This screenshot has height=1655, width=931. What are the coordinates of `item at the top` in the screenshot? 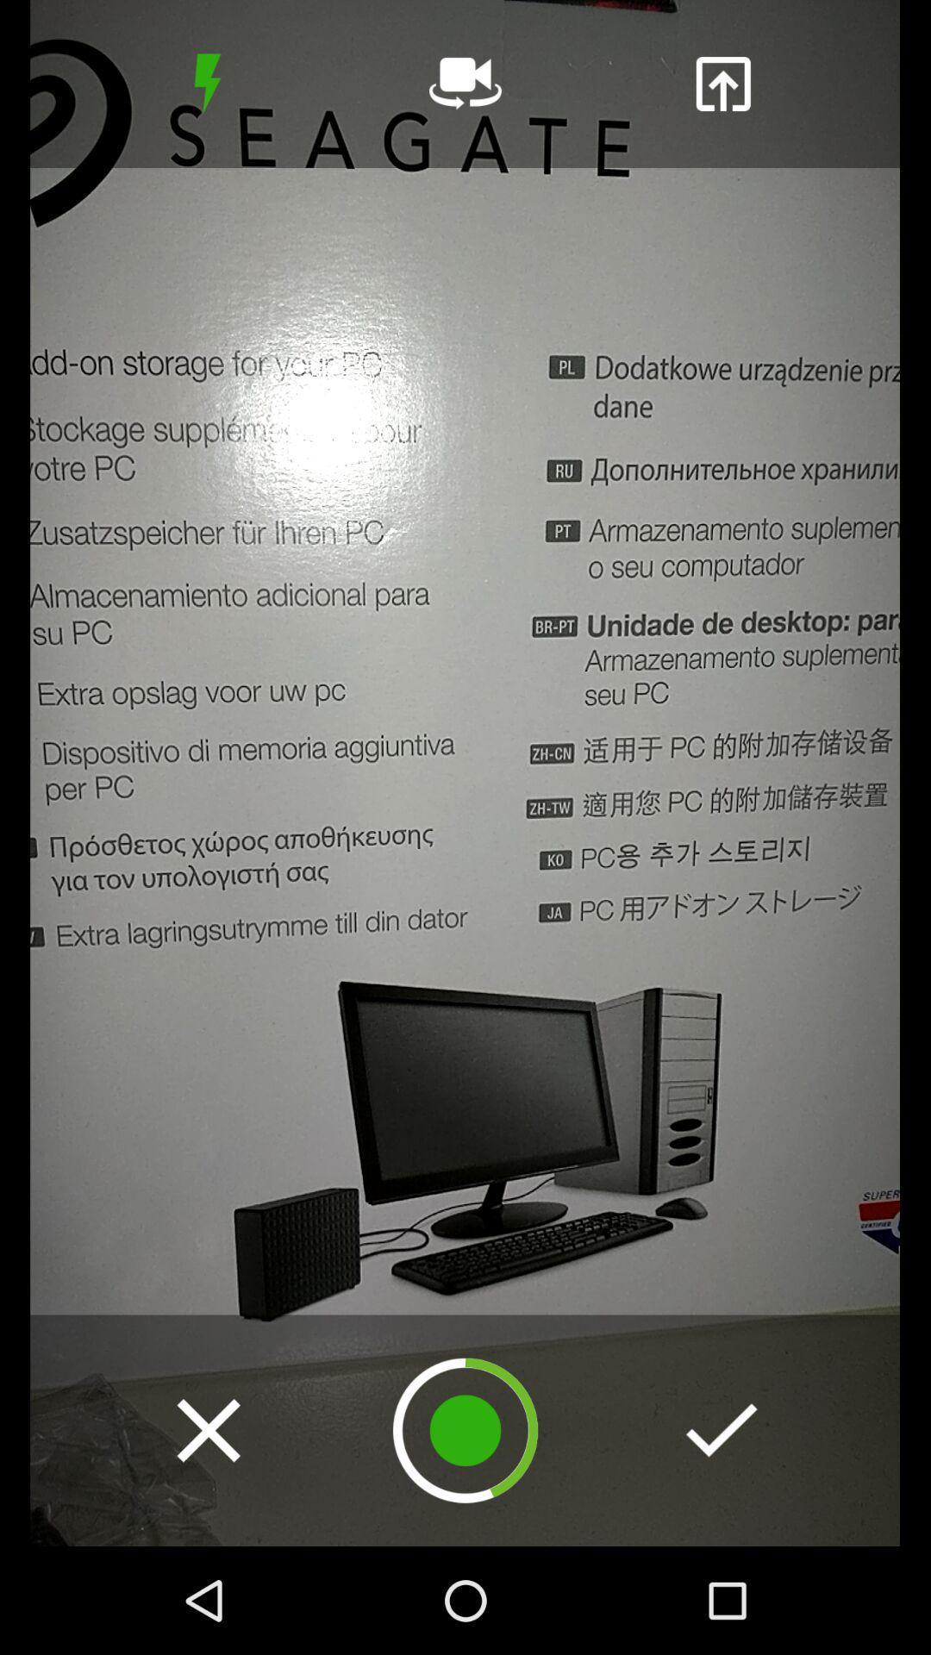 It's located at (465, 83).